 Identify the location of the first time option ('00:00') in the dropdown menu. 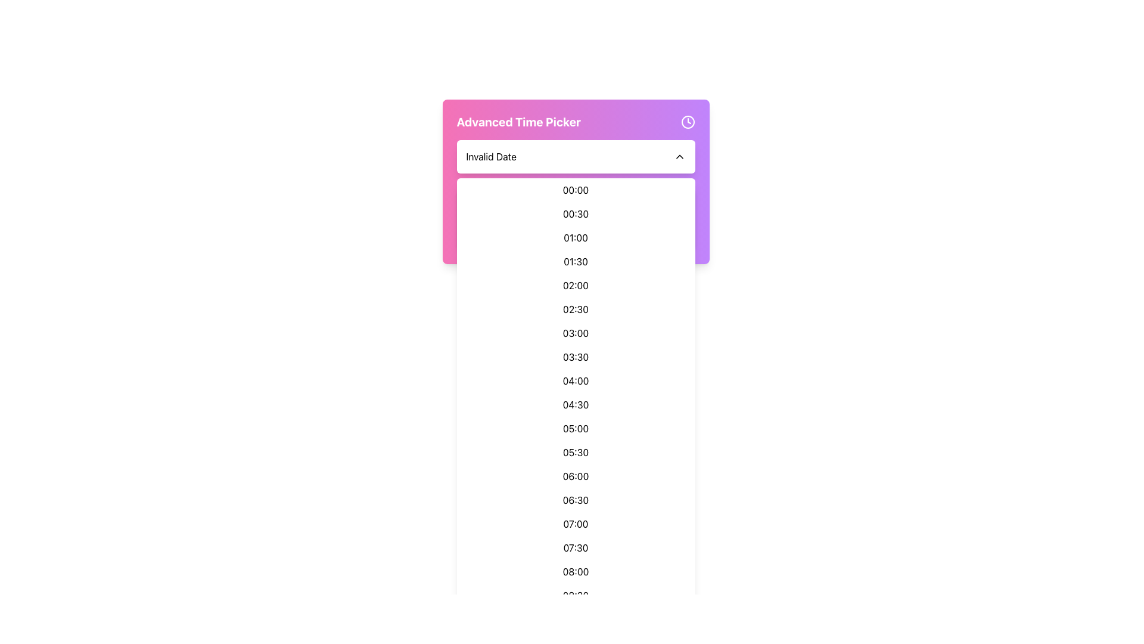
(576, 190).